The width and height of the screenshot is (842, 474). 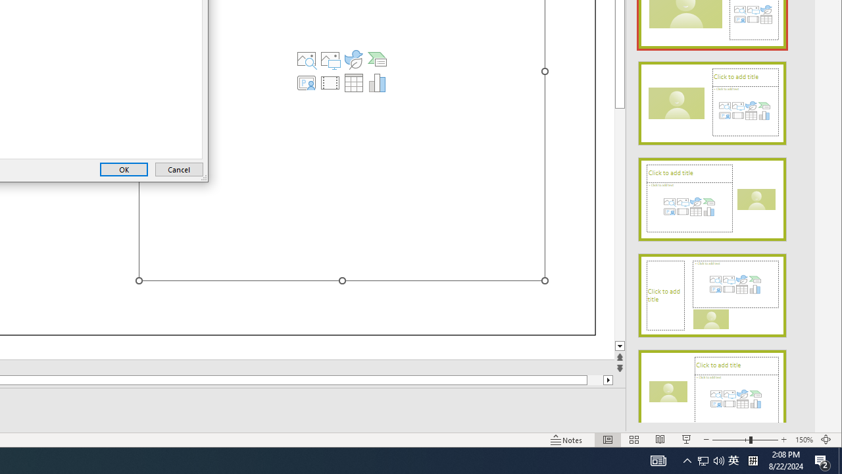 What do you see at coordinates (306, 59) in the screenshot?
I see `'Stock Images'` at bounding box center [306, 59].